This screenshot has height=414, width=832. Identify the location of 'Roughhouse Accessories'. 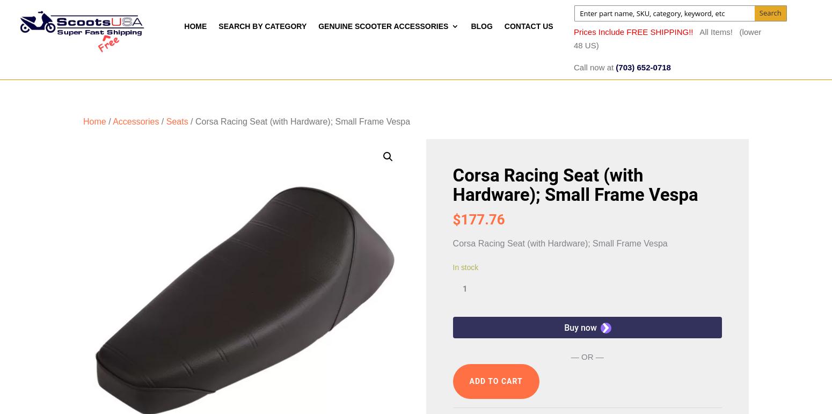
(361, 216).